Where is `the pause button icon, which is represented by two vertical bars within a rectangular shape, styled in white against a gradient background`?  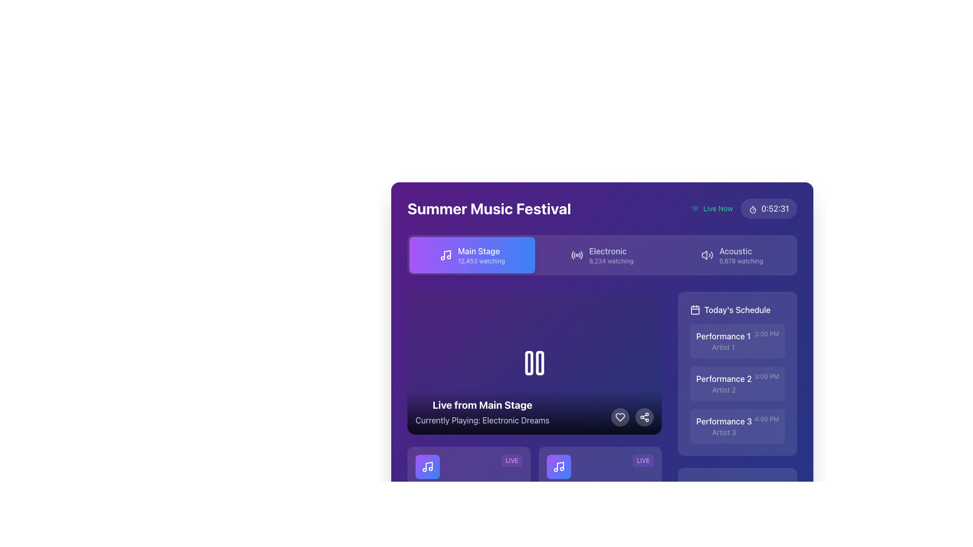
the pause button icon, which is represented by two vertical bars within a rectangular shape, styled in white against a gradient background is located at coordinates (534, 363).